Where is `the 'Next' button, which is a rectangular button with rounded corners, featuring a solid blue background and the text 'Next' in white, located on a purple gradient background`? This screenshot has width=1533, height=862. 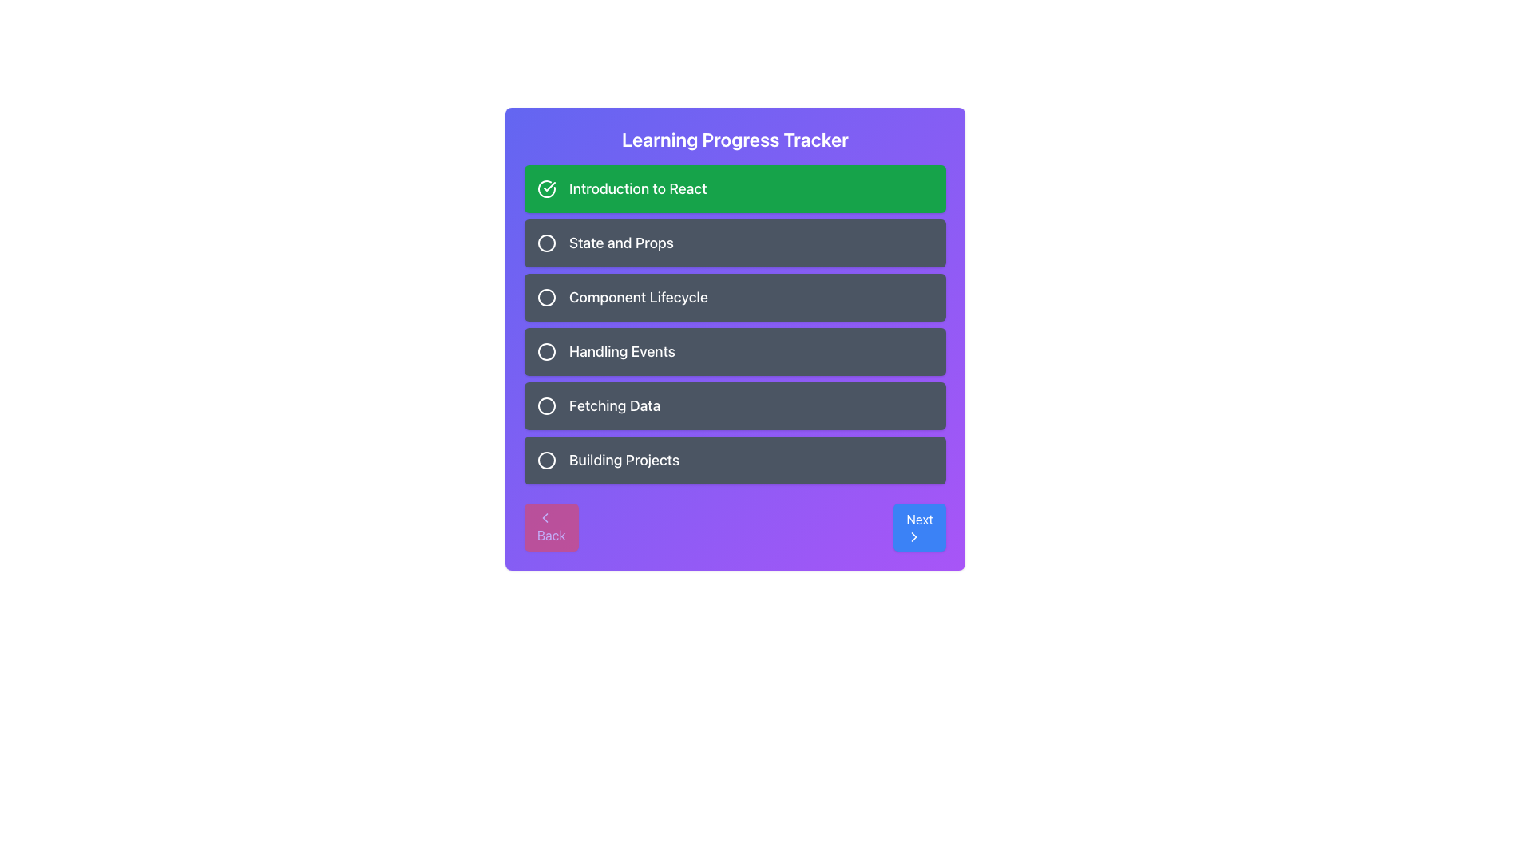 the 'Next' button, which is a rectangular button with rounded corners, featuring a solid blue background and the text 'Next' in white, located on a purple gradient background is located at coordinates (920, 527).